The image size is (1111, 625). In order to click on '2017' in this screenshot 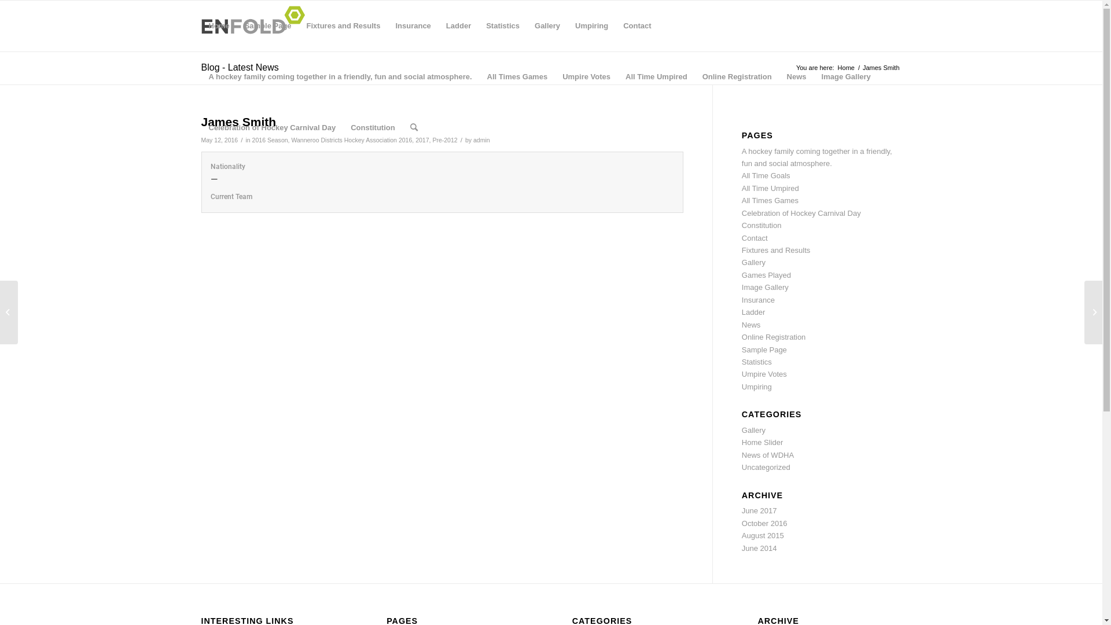, I will do `click(415, 139)`.